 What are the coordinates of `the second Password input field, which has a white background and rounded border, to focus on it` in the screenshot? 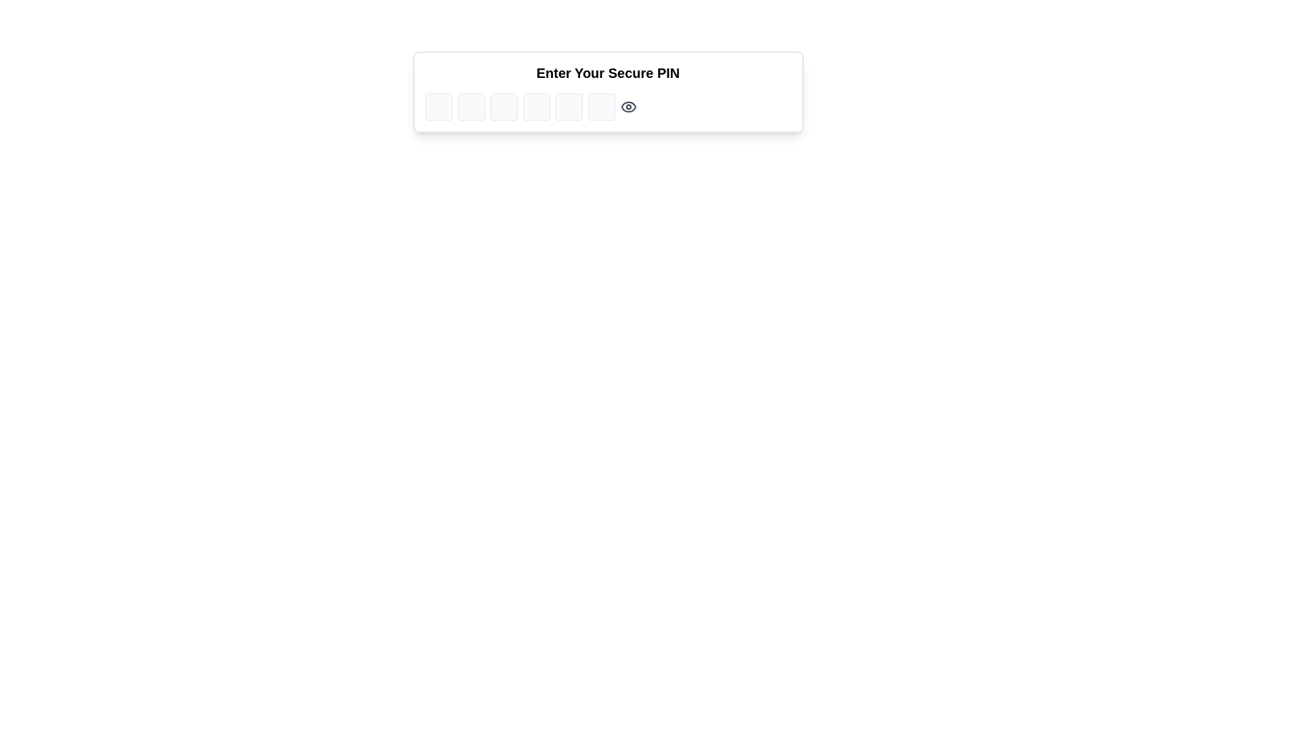 It's located at (471, 106).